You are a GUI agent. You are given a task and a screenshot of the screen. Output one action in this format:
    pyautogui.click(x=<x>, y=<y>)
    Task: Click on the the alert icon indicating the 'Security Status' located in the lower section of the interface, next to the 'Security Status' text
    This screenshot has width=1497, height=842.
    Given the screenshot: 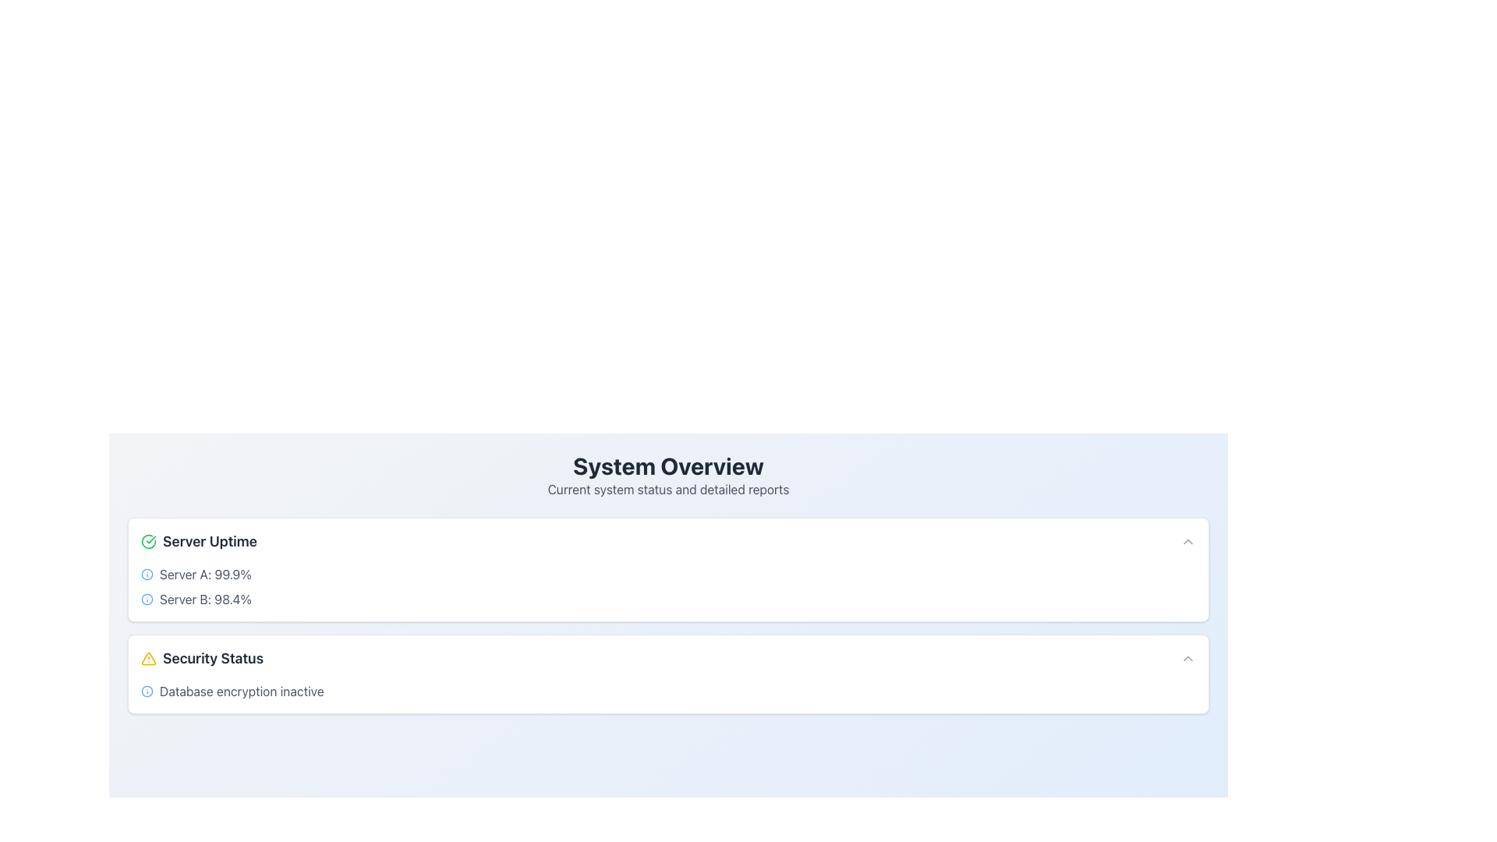 What is the action you would take?
    pyautogui.click(x=149, y=658)
    